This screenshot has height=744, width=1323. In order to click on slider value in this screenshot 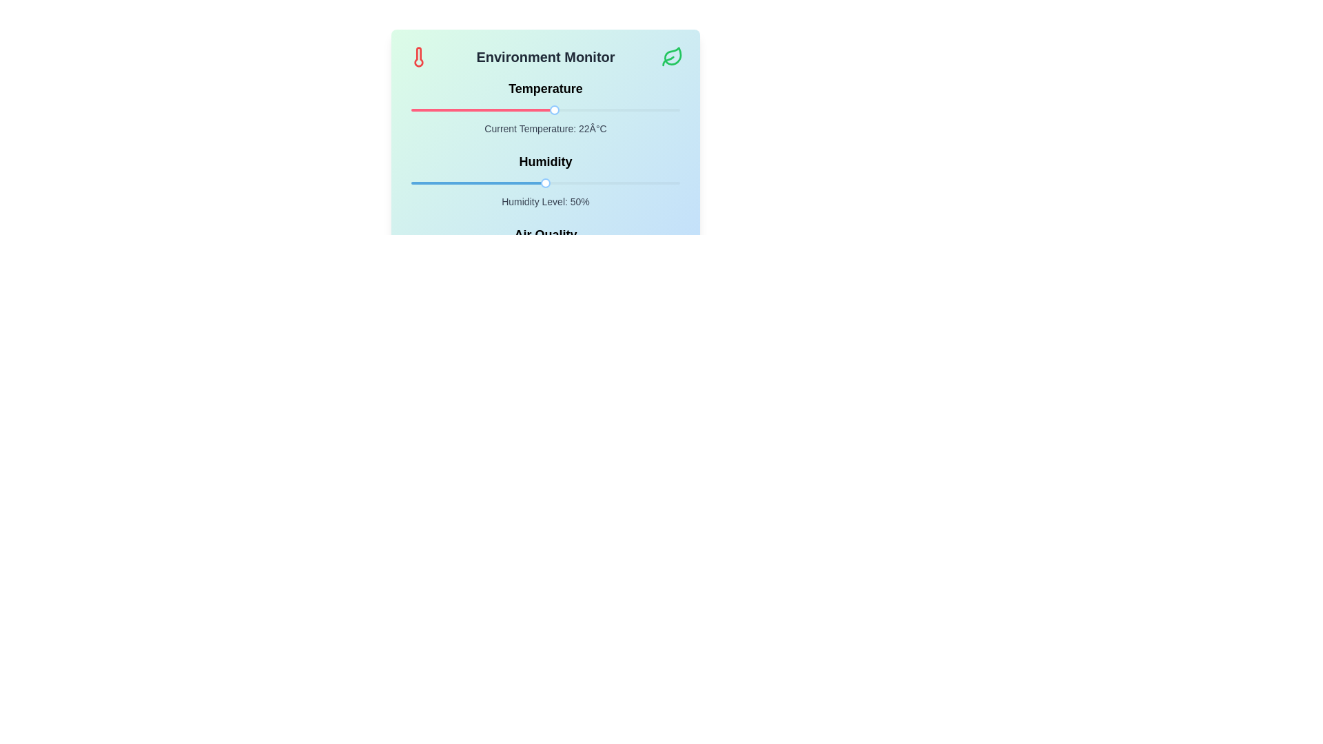, I will do `click(508, 183)`.